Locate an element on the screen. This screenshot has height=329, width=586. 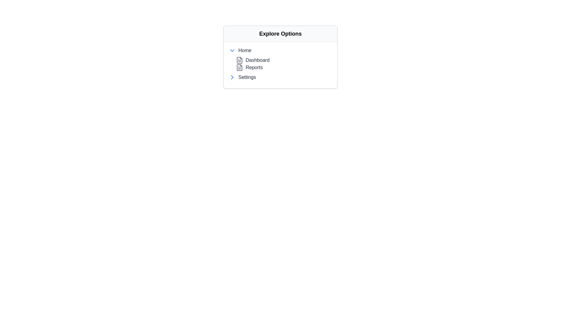
the 'Dashboard' entry in the vertical list located within the 'Explore Options' section, positioned between 'Home' and 'Settings' is located at coordinates (280, 59).